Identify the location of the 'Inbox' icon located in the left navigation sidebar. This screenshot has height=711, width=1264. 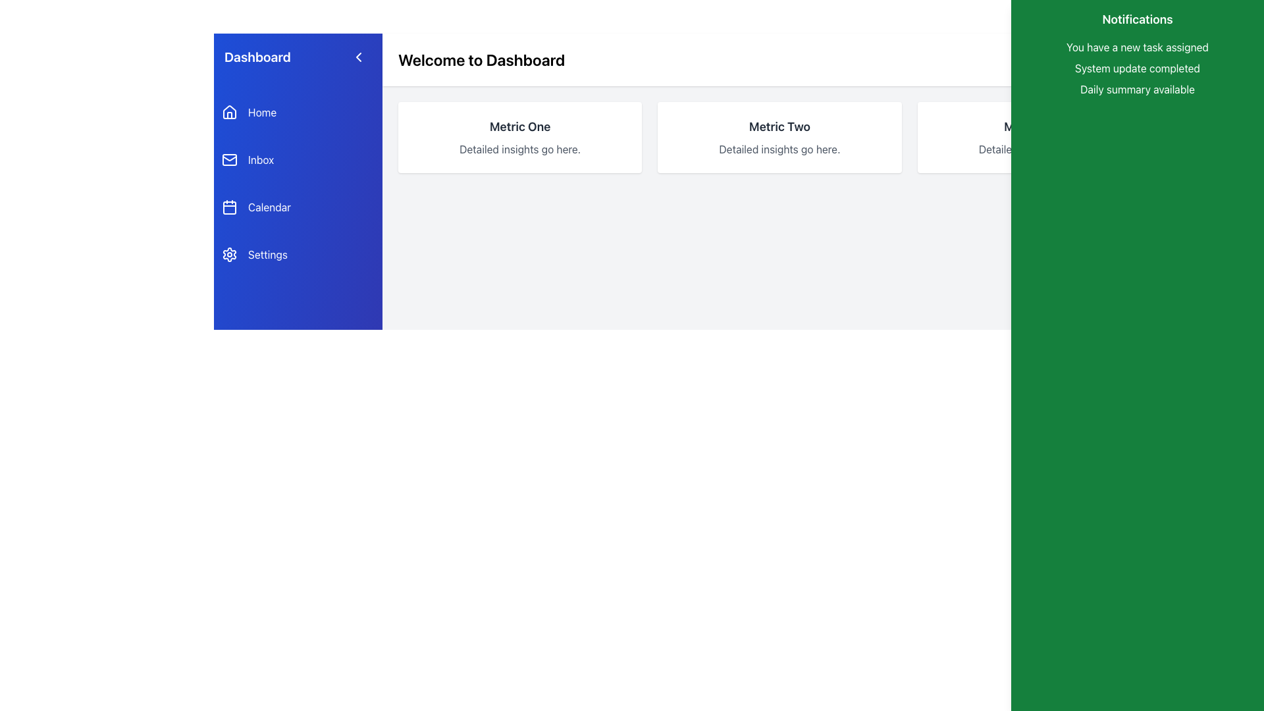
(230, 159).